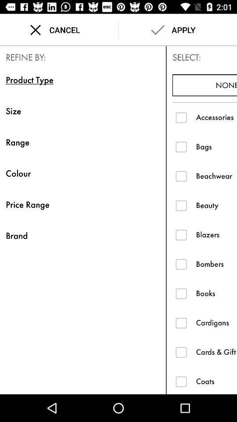 This screenshot has height=422, width=237. I want to click on bombers, so click(181, 264).